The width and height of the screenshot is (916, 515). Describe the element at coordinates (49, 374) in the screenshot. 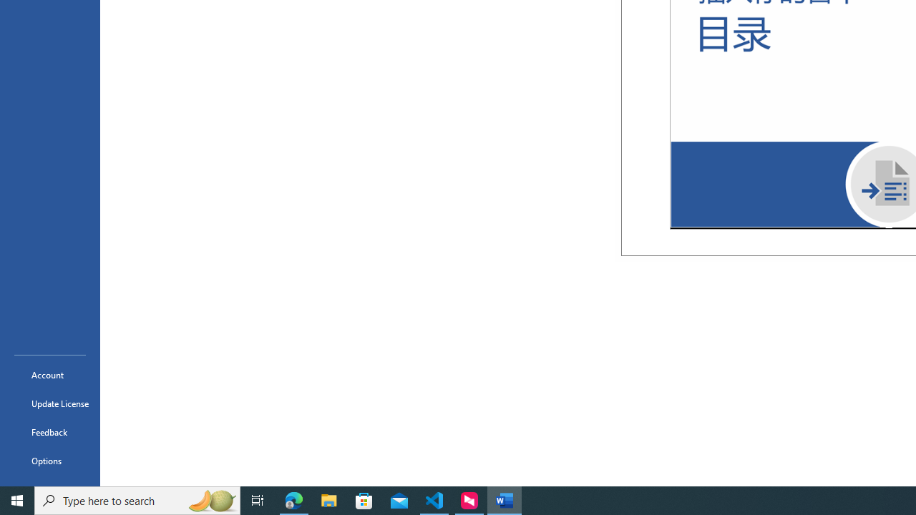

I see `'Account'` at that location.